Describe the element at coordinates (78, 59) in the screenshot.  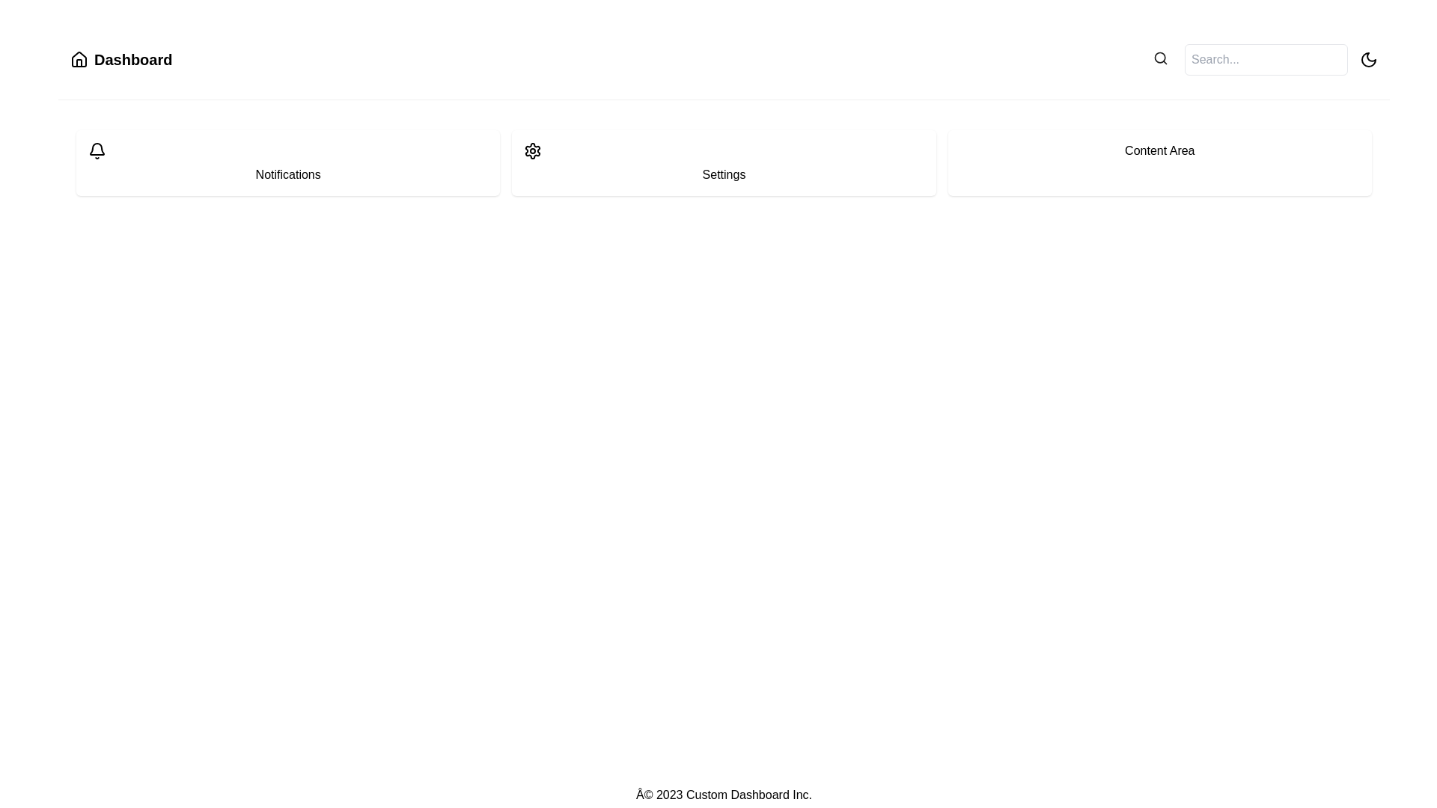
I see `the home icon, which is a black outlined graphic of a house located in the top-left corner of the page` at that location.